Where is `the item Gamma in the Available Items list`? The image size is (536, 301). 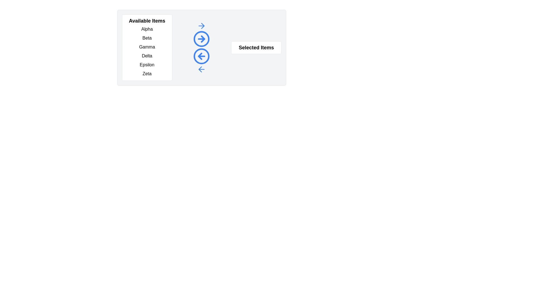
the item Gamma in the Available Items list is located at coordinates (147, 47).